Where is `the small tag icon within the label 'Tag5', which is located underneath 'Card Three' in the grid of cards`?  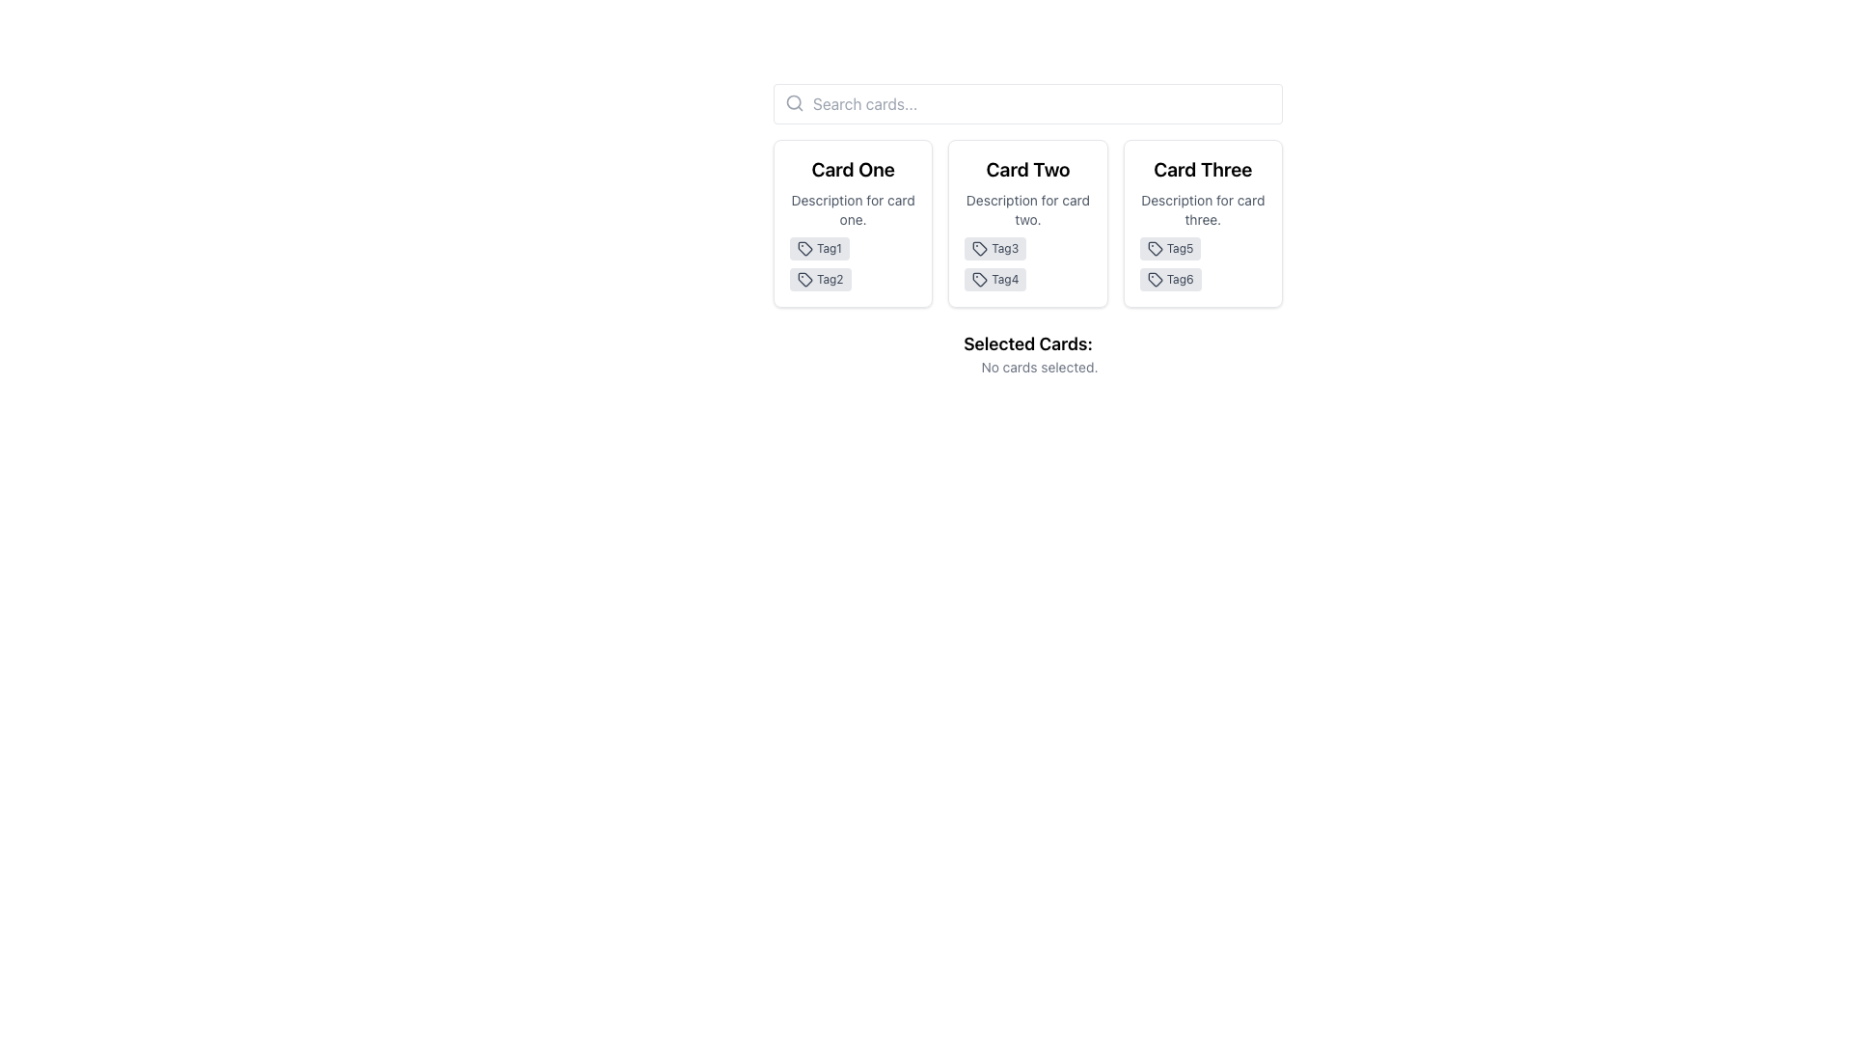 the small tag icon within the label 'Tag5', which is located underneath 'Card Three' in the grid of cards is located at coordinates (1155, 248).